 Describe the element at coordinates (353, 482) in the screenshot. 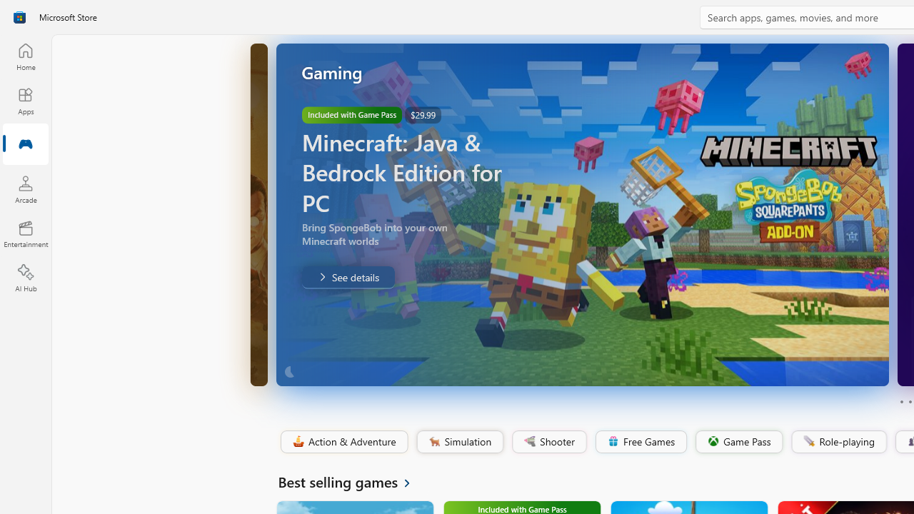

I see `'See all  Best selling games'` at that location.